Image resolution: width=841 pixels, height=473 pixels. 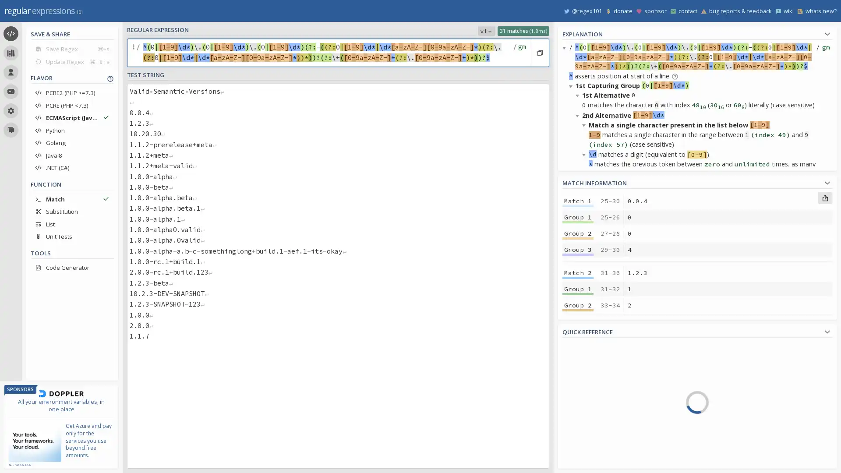 What do you see at coordinates (741, 421) in the screenshot?
I see `Alternate - match either a or b a|b` at bounding box center [741, 421].